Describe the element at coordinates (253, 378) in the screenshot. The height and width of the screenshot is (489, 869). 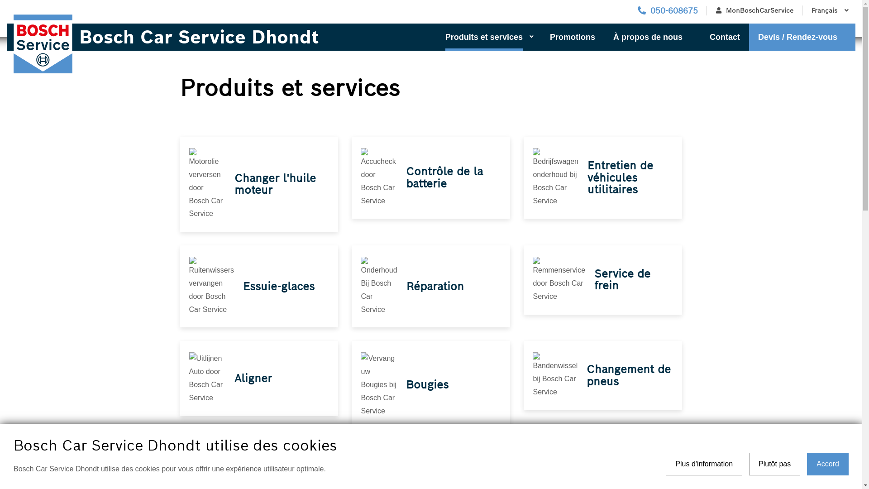
I see `'Aligner'` at that location.